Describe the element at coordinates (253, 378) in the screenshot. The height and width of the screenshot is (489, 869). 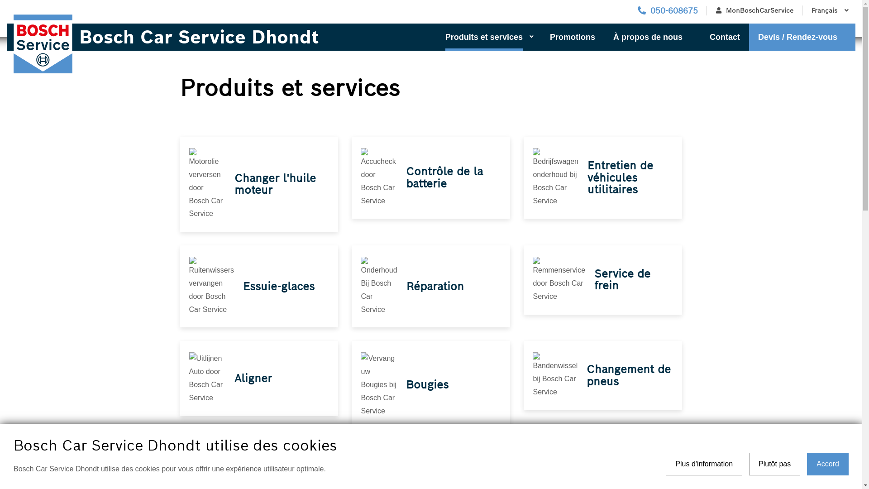
I see `'Aligner'` at that location.